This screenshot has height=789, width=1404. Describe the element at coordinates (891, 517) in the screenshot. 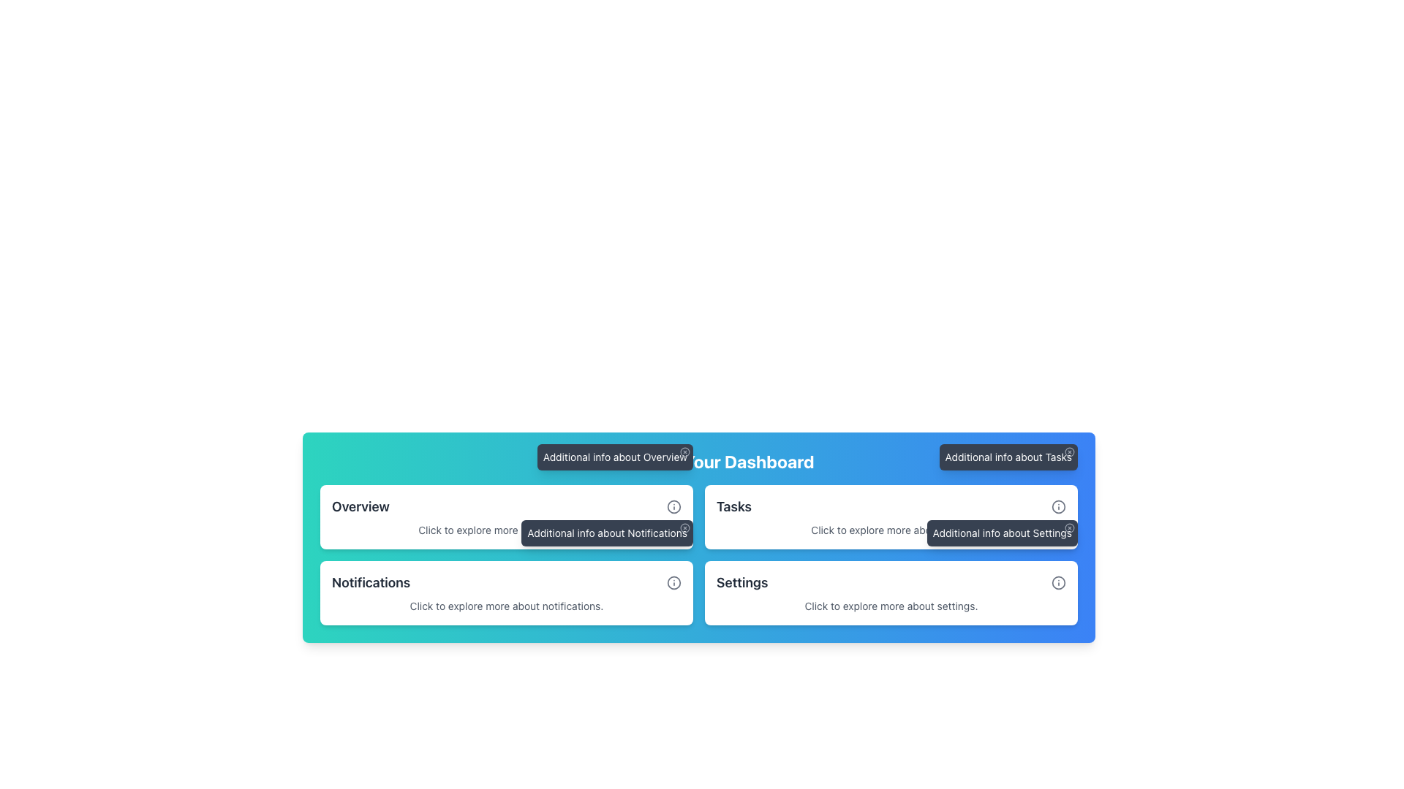

I see `the card in the second column of the first row labeled 'Tasks'` at that location.